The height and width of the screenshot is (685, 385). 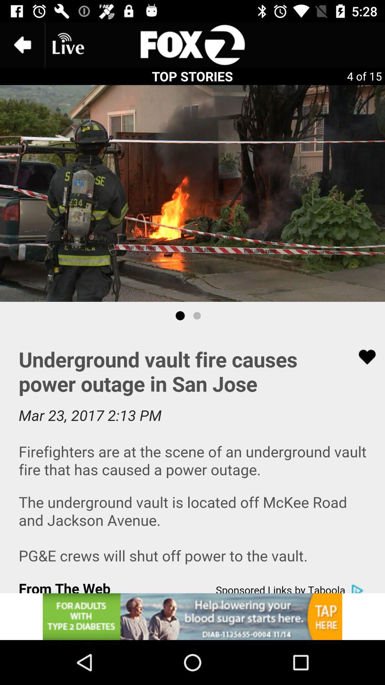 What do you see at coordinates (192, 44) in the screenshot?
I see `homepage` at bounding box center [192, 44].